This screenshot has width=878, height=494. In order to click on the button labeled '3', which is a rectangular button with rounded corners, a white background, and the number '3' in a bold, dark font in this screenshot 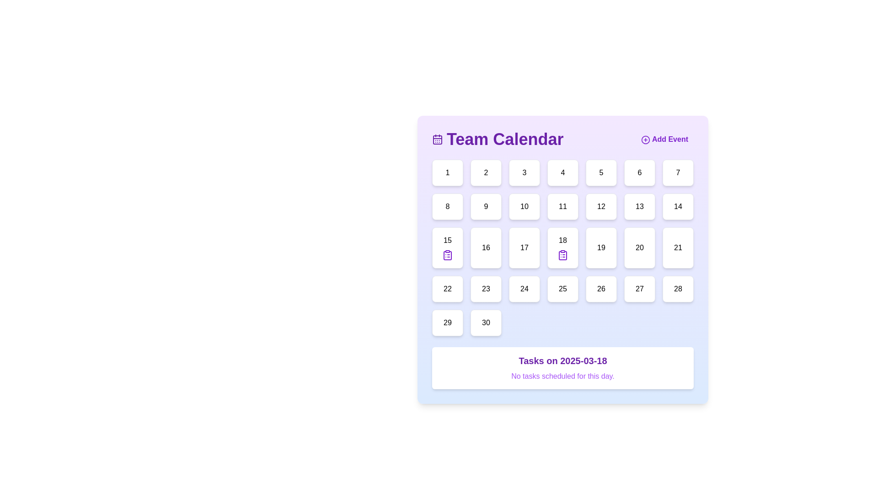, I will do `click(525, 173)`.